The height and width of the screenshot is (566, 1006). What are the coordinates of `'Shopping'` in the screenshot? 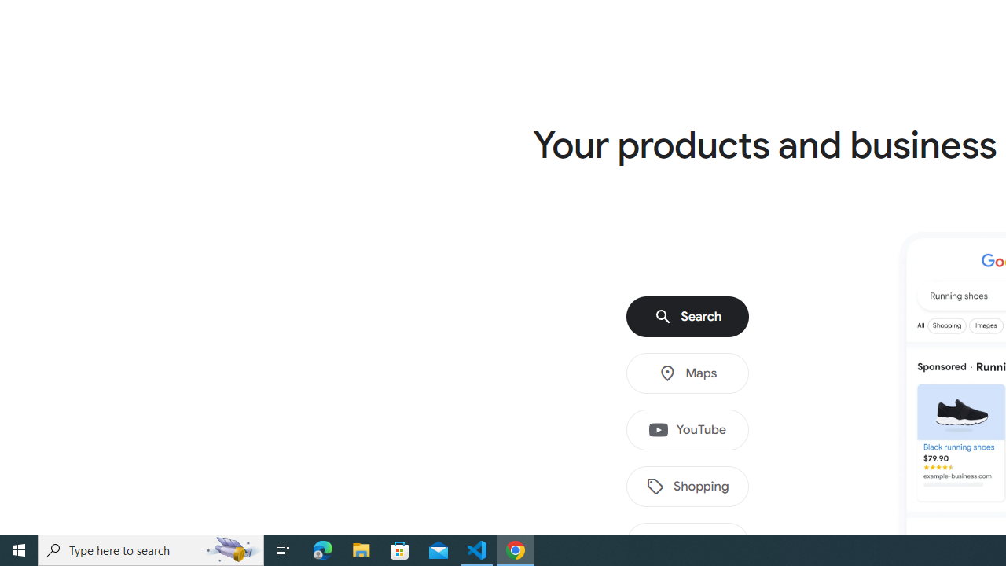 It's located at (688, 486).